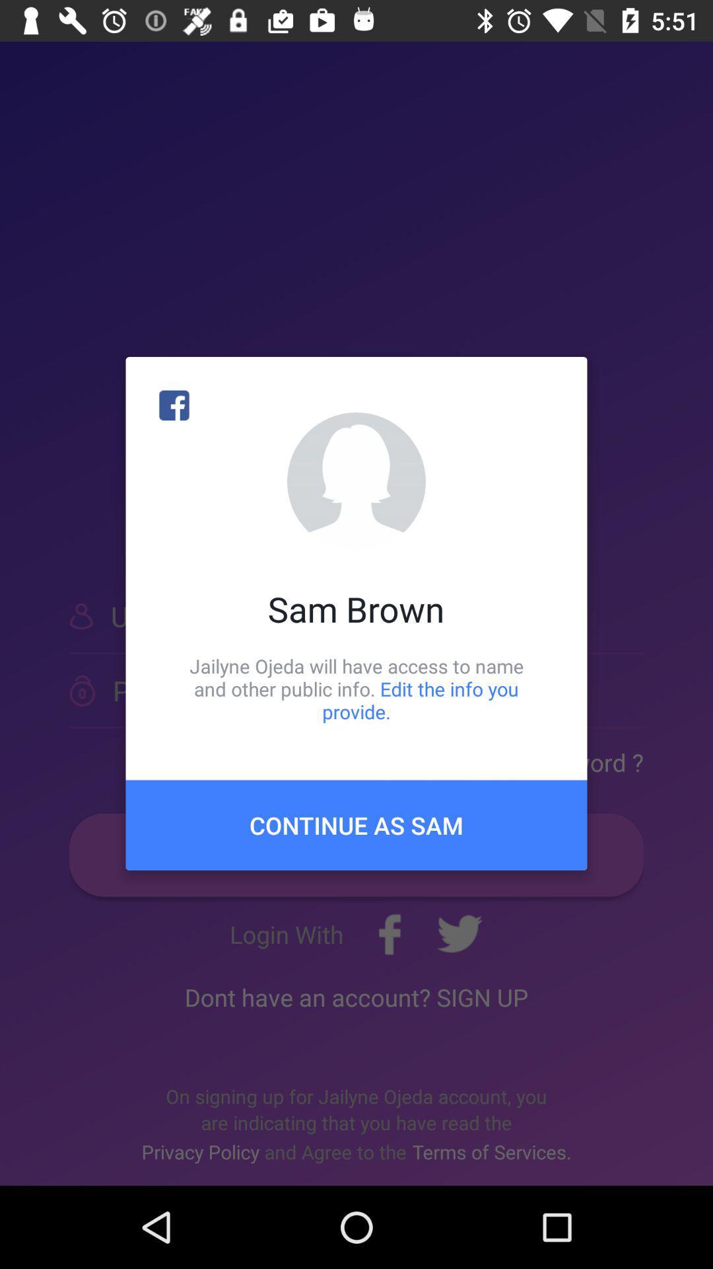 The width and height of the screenshot is (713, 1269). Describe the element at coordinates (356, 824) in the screenshot. I see `item below jailyne ojeda will` at that location.